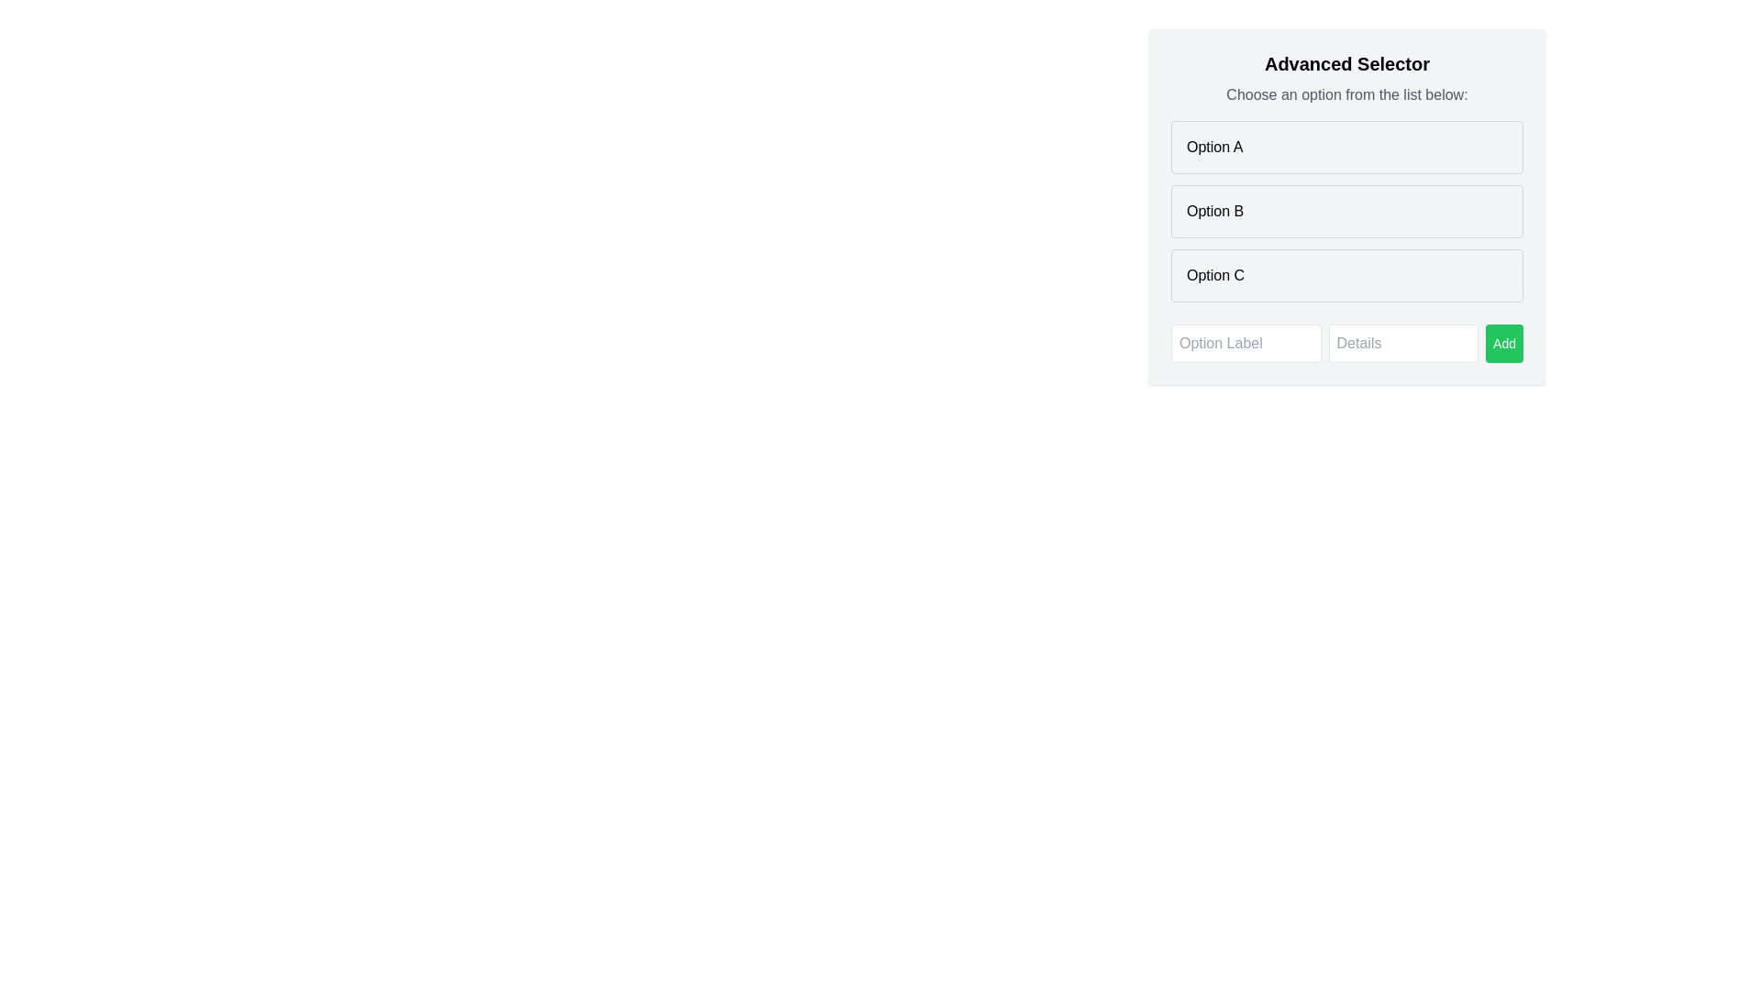 The width and height of the screenshot is (1761, 990). I want to click on the button located at the rightmost end of the row containing the 'Option Label' and 'Details' text input fields, so click(1504, 343).